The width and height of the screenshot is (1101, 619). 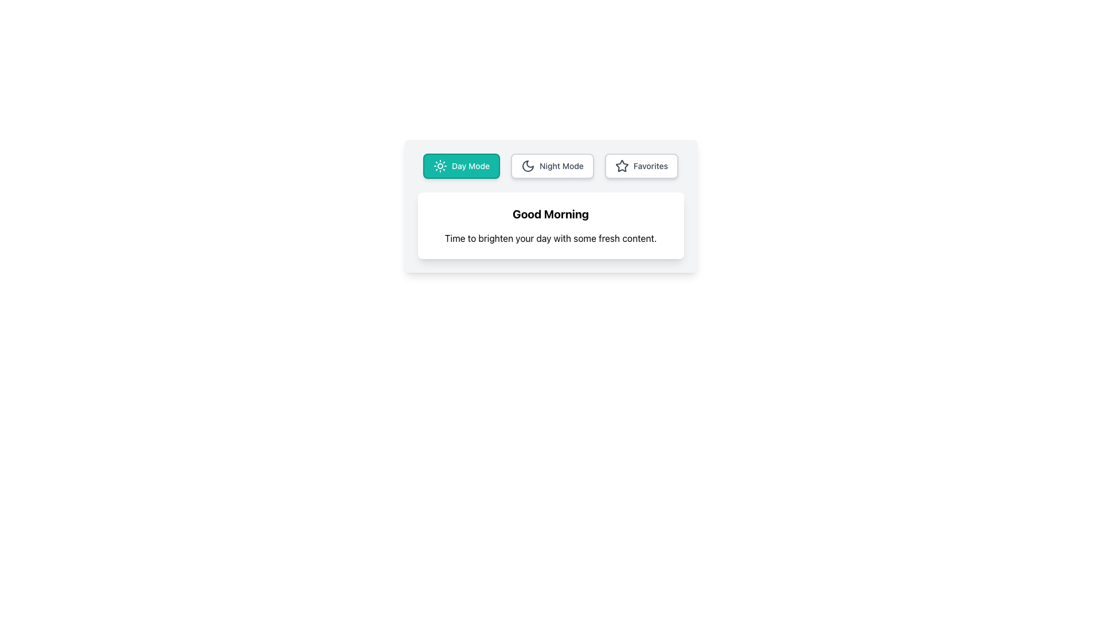 What do you see at coordinates (528, 166) in the screenshot?
I see `the 'Night Mode' icon located to the left of the text label within the 'Night Mode' button on the horizontal toolbar` at bounding box center [528, 166].